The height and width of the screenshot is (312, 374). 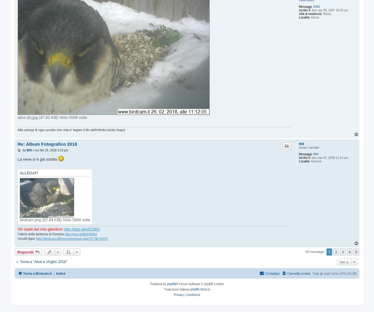 What do you see at coordinates (184, 294) in the screenshot?
I see `'|'` at bounding box center [184, 294].